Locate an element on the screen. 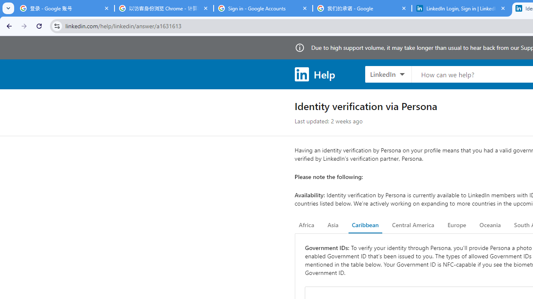 This screenshot has height=299, width=533. 'LinkedIn Login, Sign in | LinkedIn' is located at coordinates (461, 8).